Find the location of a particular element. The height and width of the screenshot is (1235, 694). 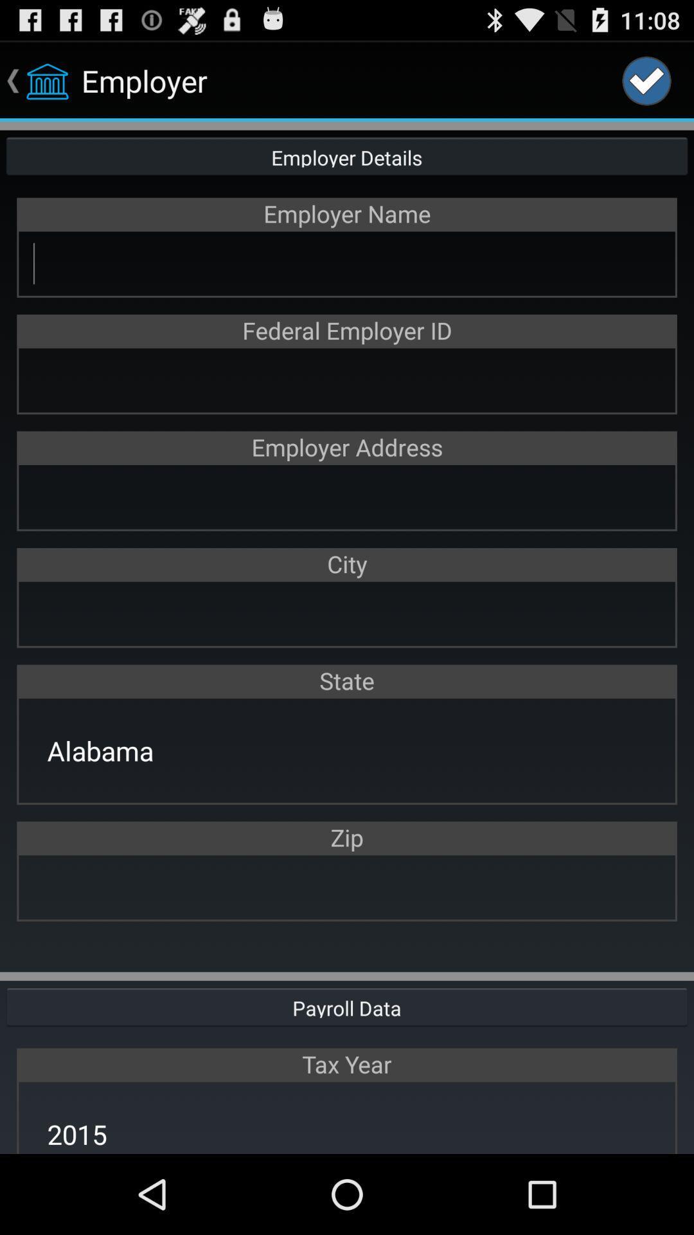

app above employer name item is located at coordinates (347, 154).